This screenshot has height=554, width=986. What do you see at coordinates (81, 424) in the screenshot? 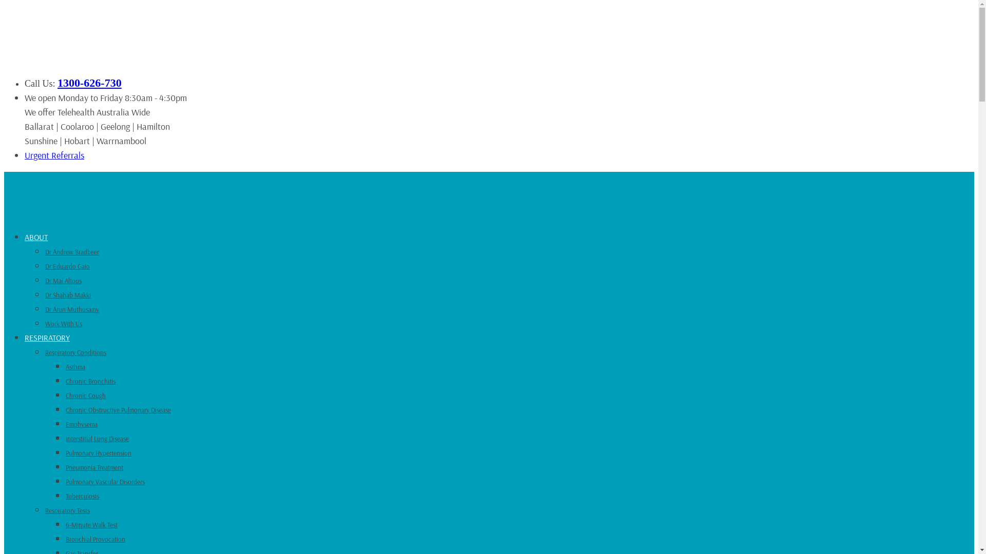
I see `'Emphysema'` at bounding box center [81, 424].